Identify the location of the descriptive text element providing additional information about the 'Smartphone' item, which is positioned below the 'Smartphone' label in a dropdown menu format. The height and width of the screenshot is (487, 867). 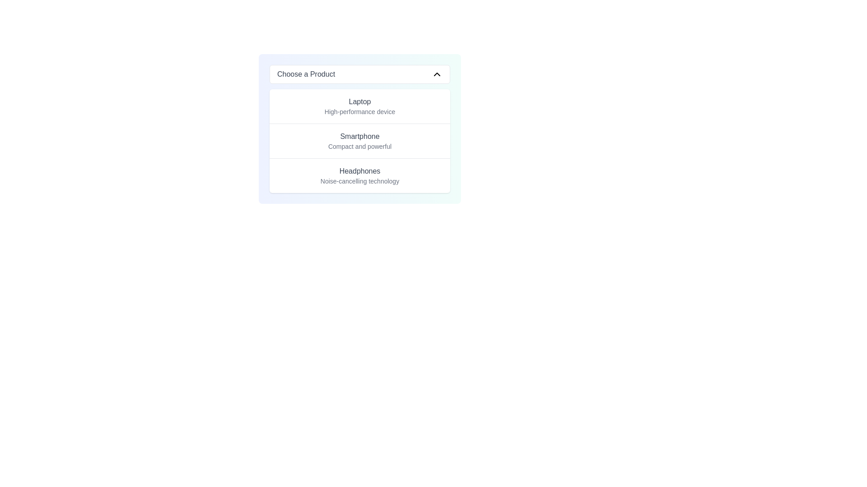
(359, 146).